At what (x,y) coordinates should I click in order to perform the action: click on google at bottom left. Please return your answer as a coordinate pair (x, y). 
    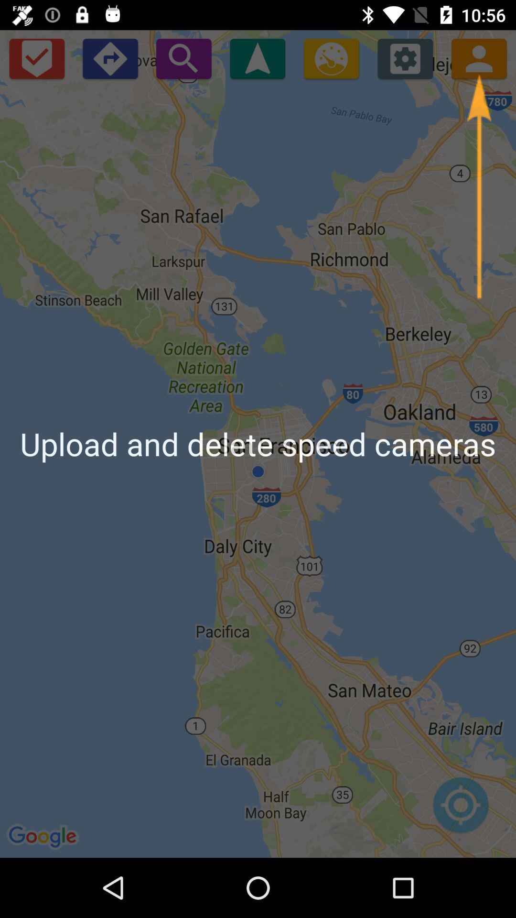
    Looking at the image, I should click on (44, 837).